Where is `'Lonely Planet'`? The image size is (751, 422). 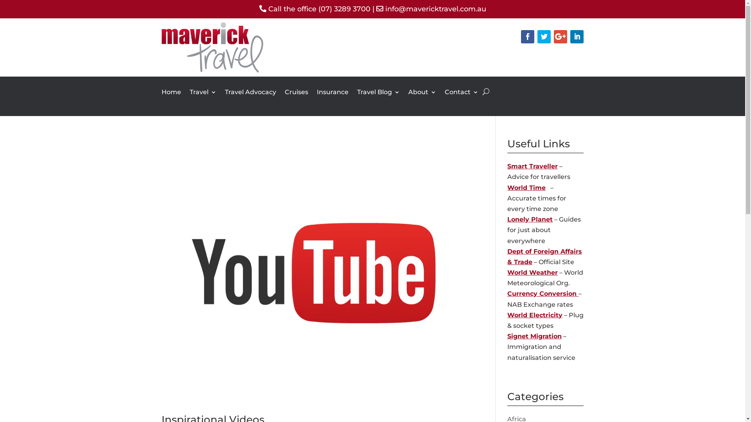 'Lonely Planet' is located at coordinates (530, 219).